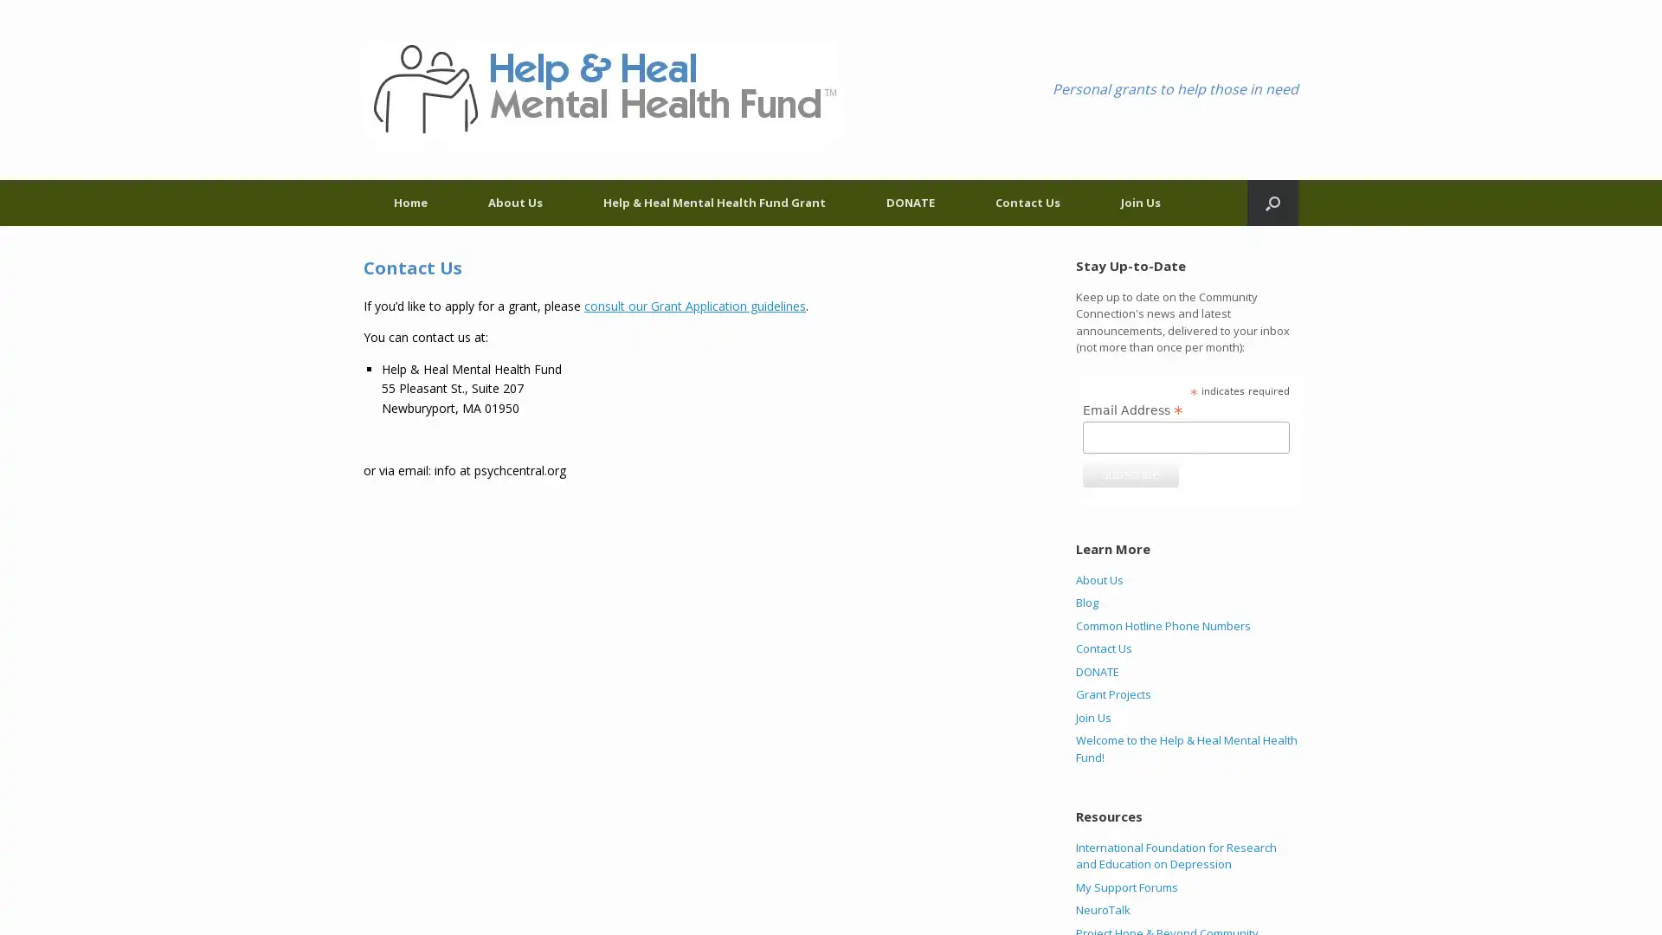 This screenshot has height=935, width=1662. Describe the element at coordinates (1131, 474) in the screenshot. I see `Subscribe` at that location.